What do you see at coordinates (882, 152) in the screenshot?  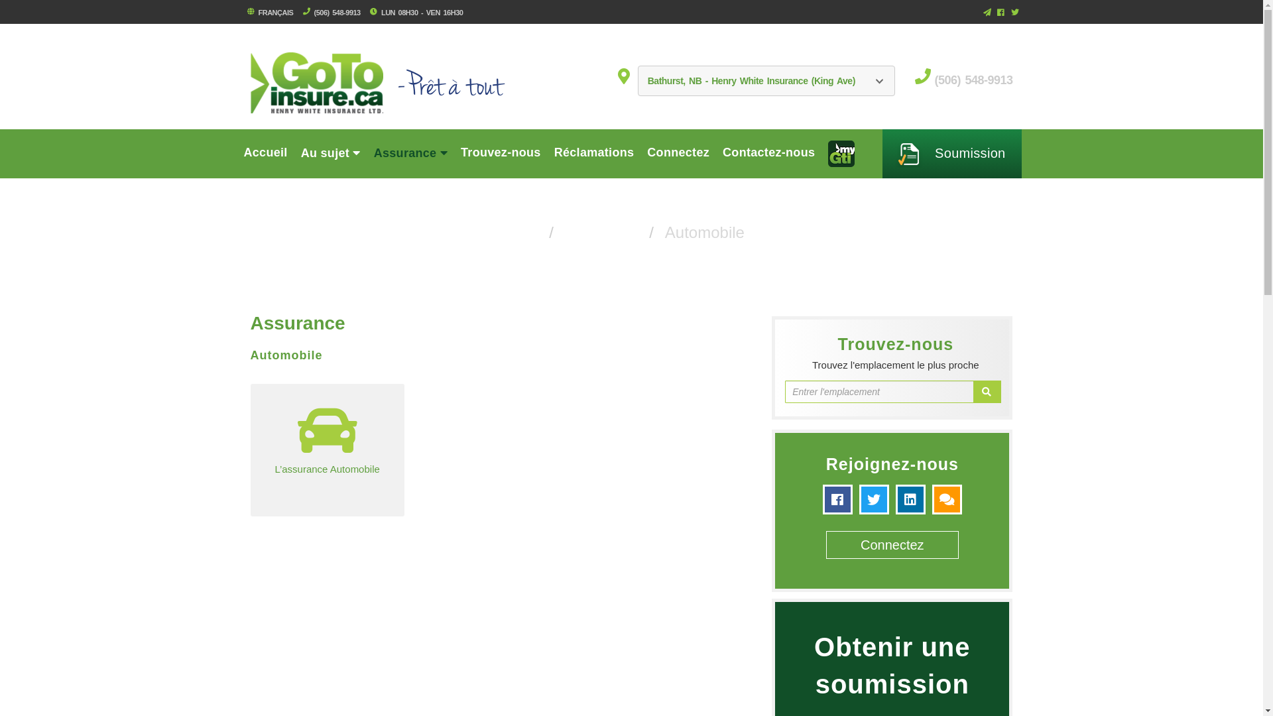 I see `'  Soumission'` at bounding box center [882, 152].